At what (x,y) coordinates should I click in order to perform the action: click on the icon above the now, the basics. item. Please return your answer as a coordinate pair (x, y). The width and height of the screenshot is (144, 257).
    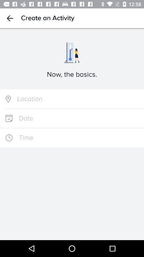
    Looking at the image, I should click on (10, 18).